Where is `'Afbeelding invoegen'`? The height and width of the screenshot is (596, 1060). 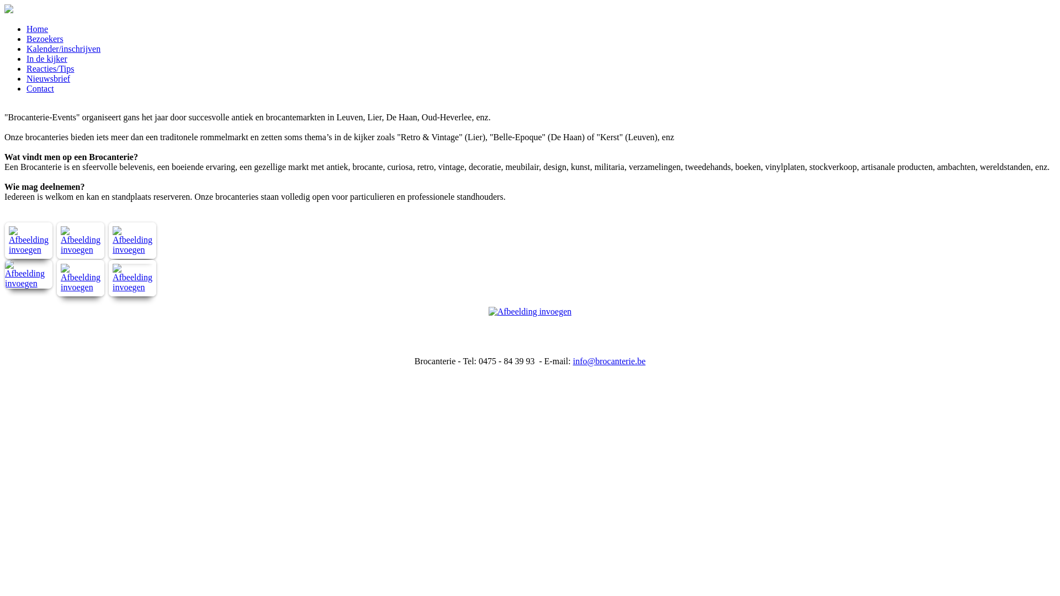 'Afbeelding invoegen' is located at coordinates (56, 249).